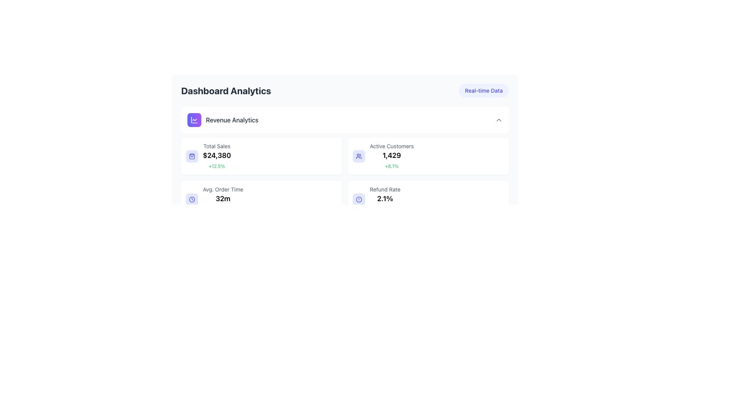 The height and width of the screenshot is (417, 742). What do you see at coordinates (385, 198) in the screenshot?
I see `the text display showing the percentage '2.1%' in bold black font, located in the lower section of the 'Refund Rate' data group` at bounding box center [385, 198].